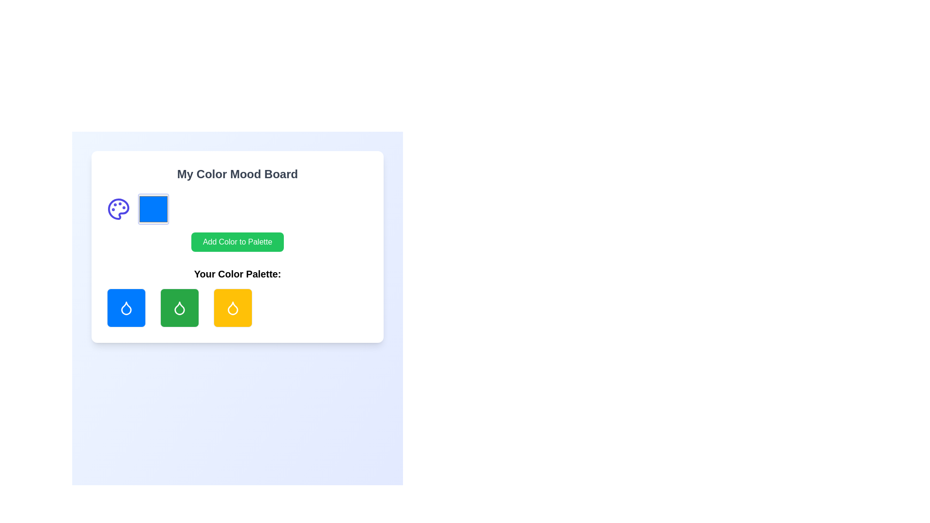  What do you see at coordinates (180, 308) in the screenshot?
I see `the middle green droplet icon in the color palette` at bounding box center [180, 308].